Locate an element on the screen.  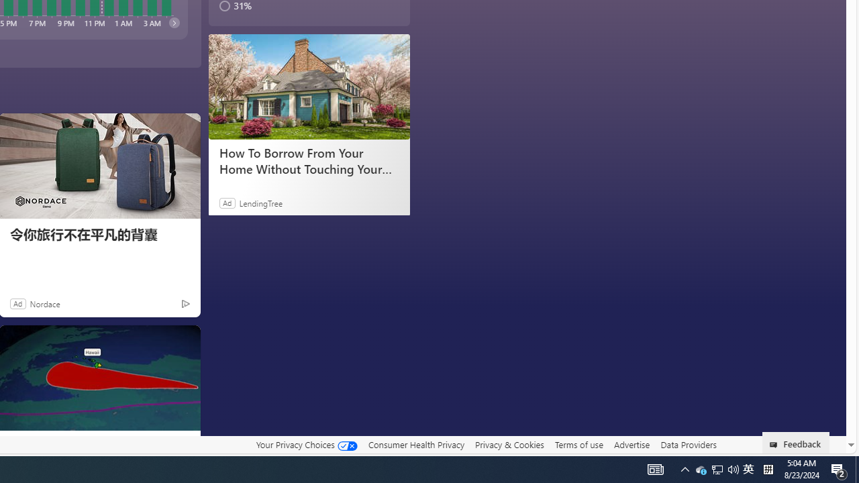
'Ad Choice' is located at coordinates (185, 303).